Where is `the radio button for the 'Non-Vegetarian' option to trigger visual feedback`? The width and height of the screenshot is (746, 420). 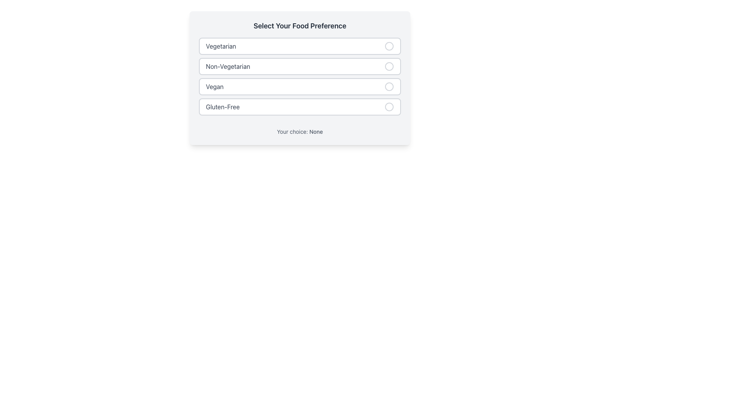 the radio button for the 'Non-Vegetarian' option to trigger visual feedback is located at coordinates (389, 66).